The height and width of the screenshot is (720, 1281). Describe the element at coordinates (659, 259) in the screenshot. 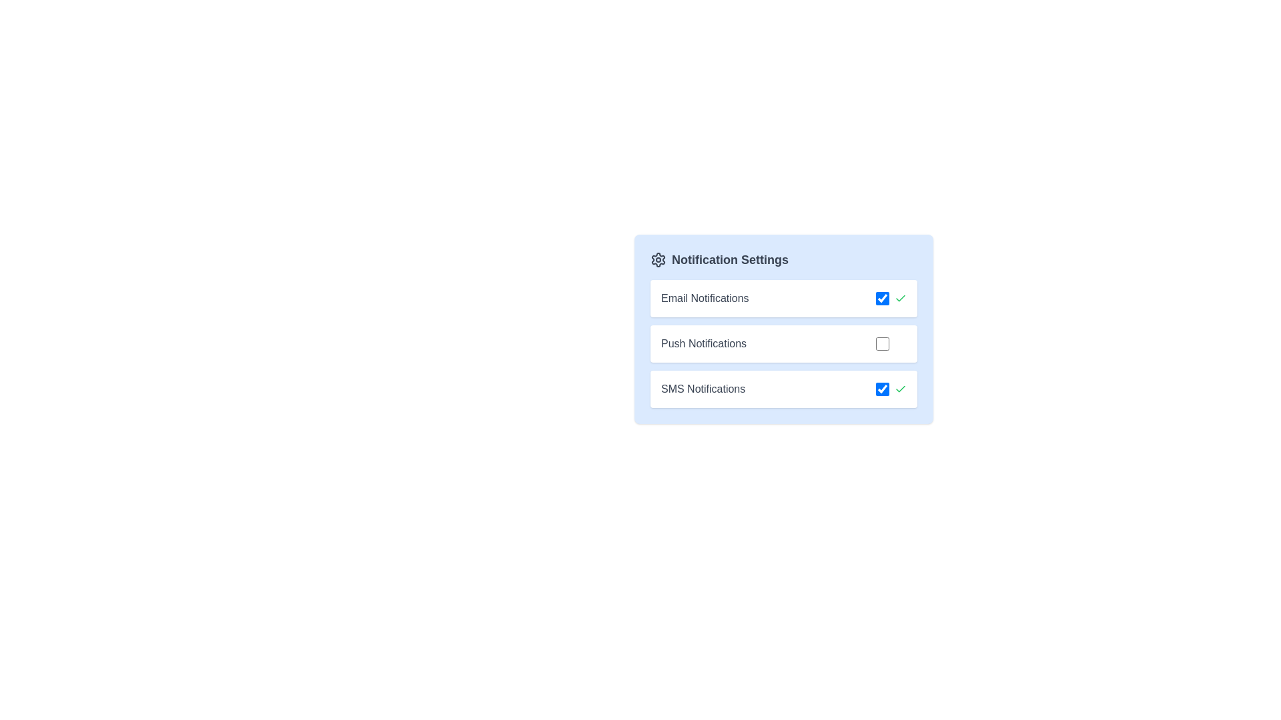

I see `the settings icon located on the left side of the 'Notification Settings' section` at that location.